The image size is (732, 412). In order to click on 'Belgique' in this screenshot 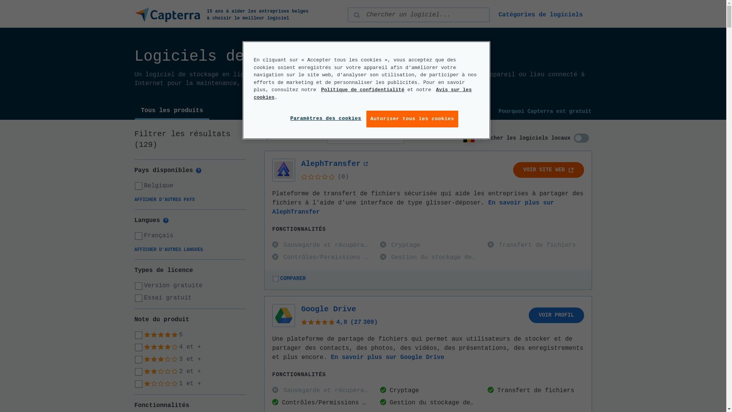, I will do `click(190, 185)`.